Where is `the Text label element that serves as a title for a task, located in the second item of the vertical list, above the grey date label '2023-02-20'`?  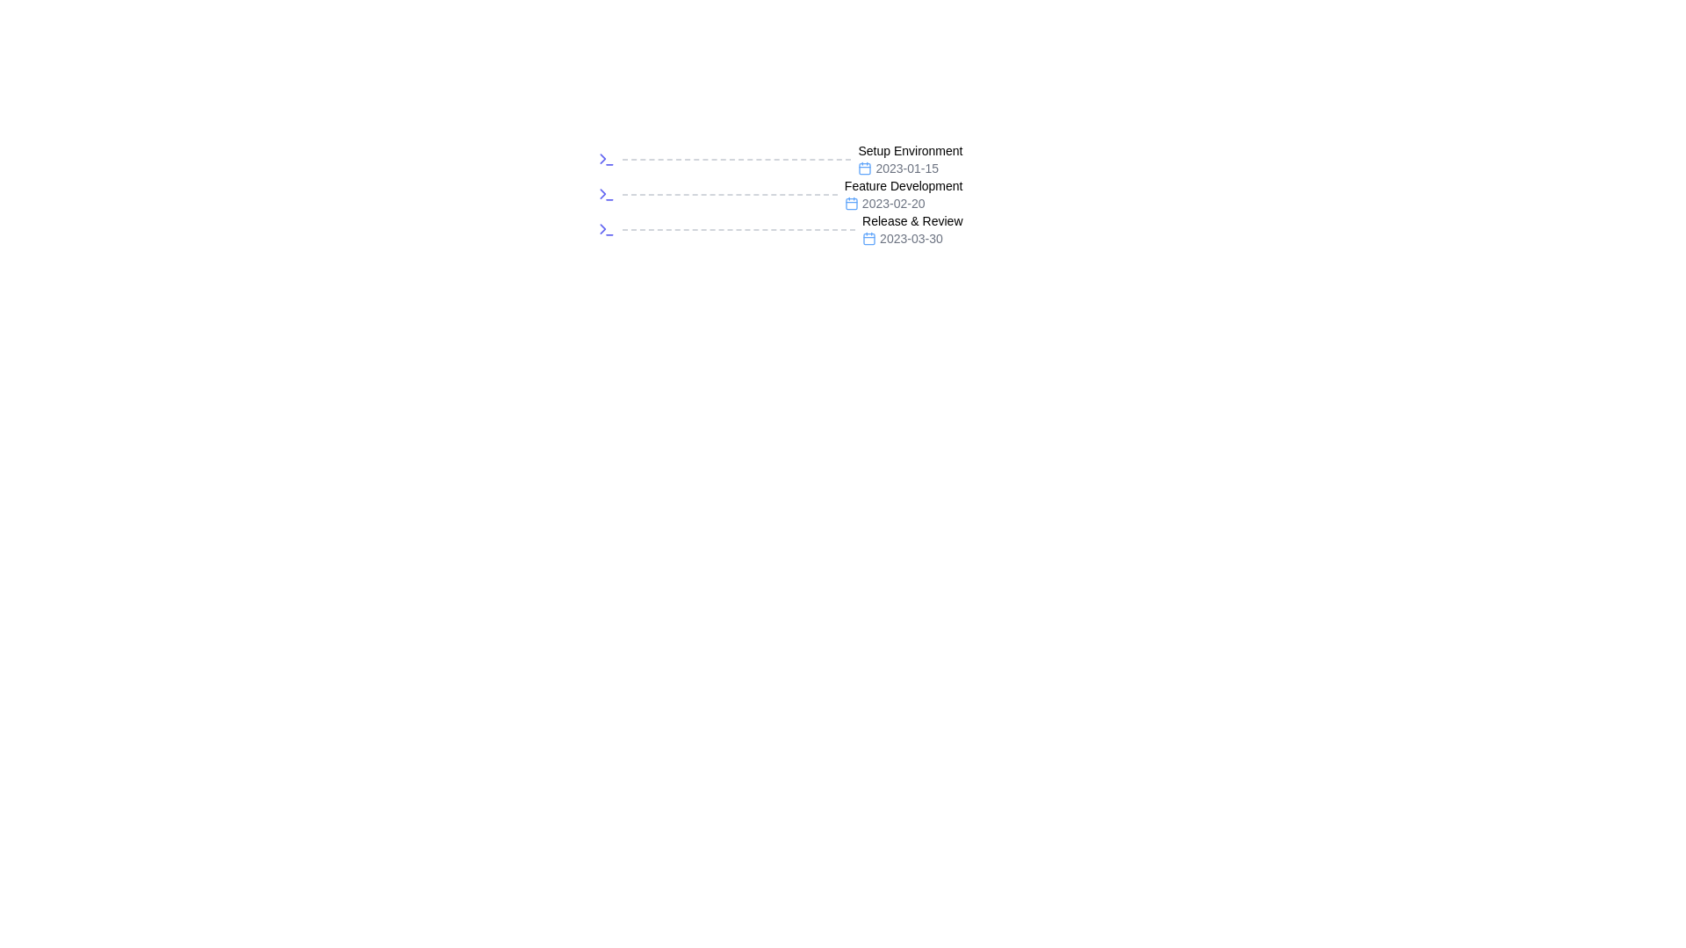 the Text label element that serves as a title for a task, located in the second item of the vertical list, above the grey date label '2023-02-20' is located at coordinates (904, 186).